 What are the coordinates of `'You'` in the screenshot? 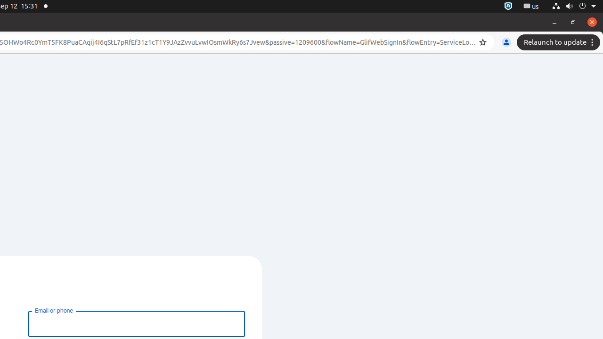 It's located at (505, 42).